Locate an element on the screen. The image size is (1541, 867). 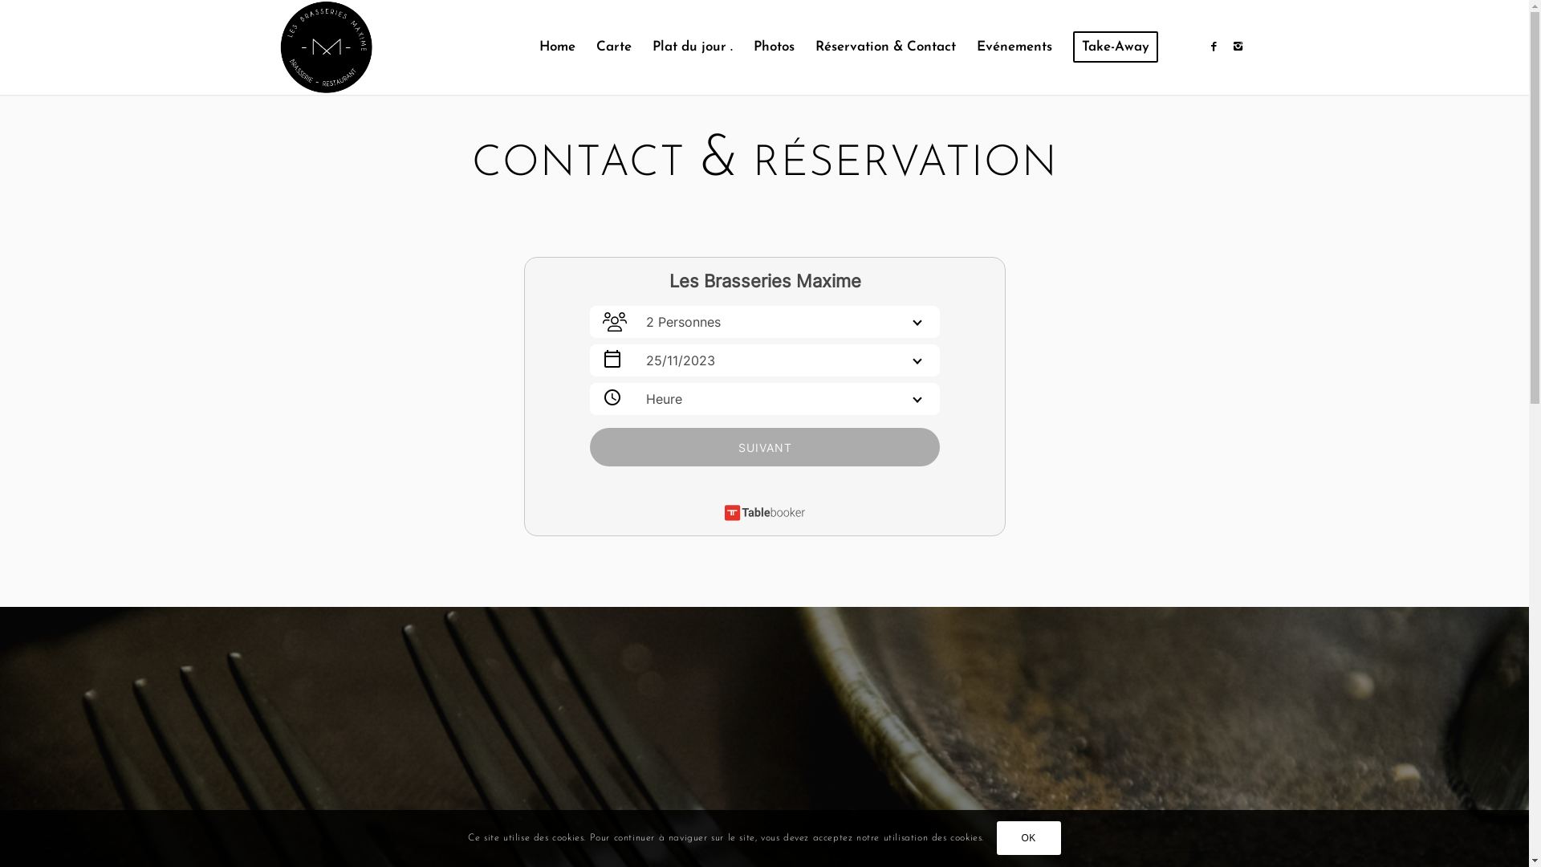
'Instagram' is located at coordinates (1225, 45).